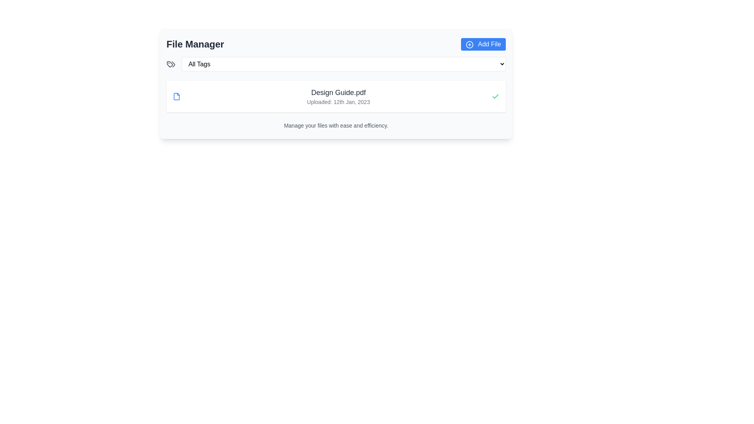 The width and height of the screenshot is (754, 424). What do you see at coordinates (195, 44) in the screenshot?
I see `the prominent text label indicating 'File Manager', located at the top-left corner of the content area` at bounding box center [195, 44].